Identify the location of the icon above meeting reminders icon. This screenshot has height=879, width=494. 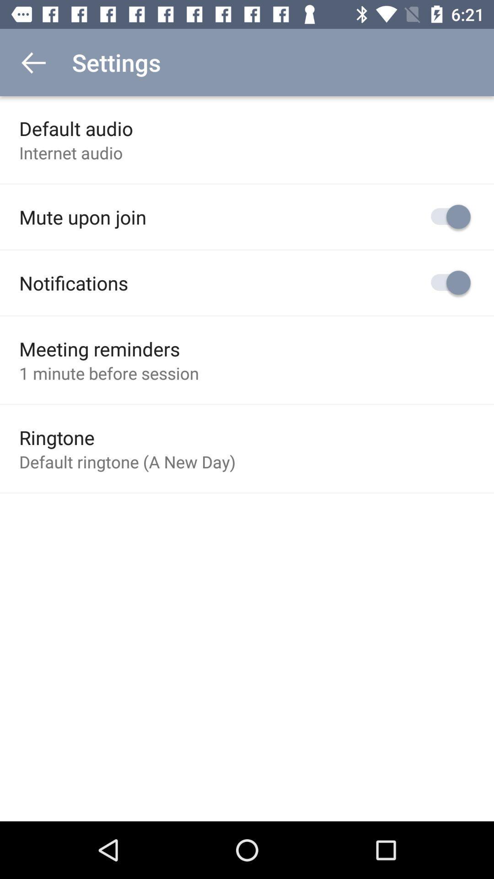
(73, 282).